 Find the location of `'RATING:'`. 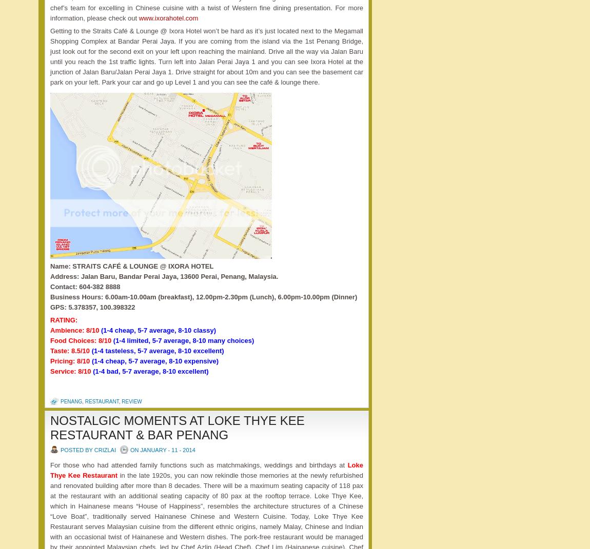

'RATING:' is located at coordinates (63, 319).